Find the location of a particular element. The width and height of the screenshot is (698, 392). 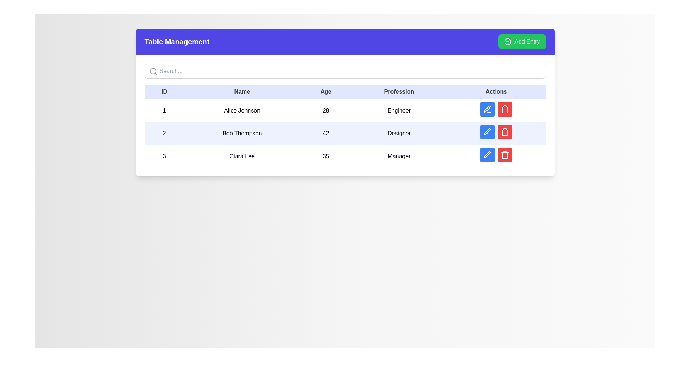

the interactive button group in the 'Actions' column for the row corresponding to 'Alice Johnson' is located at coordinates (496, 110).